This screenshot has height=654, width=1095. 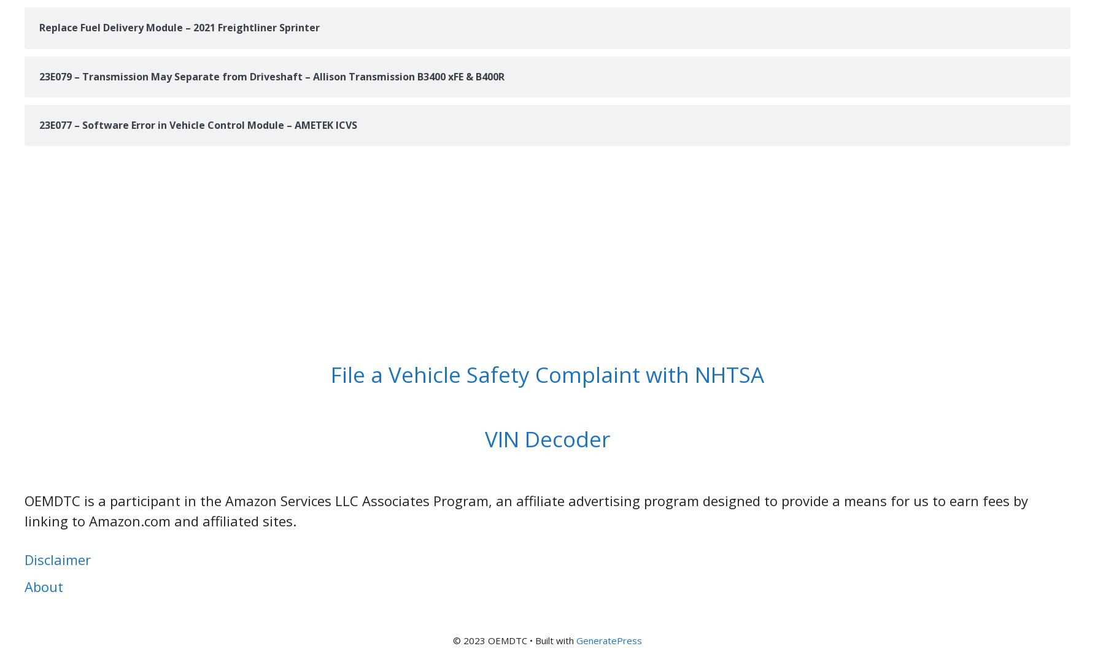 I want to click on 'GeneratePress', so click(x=576, y=639).